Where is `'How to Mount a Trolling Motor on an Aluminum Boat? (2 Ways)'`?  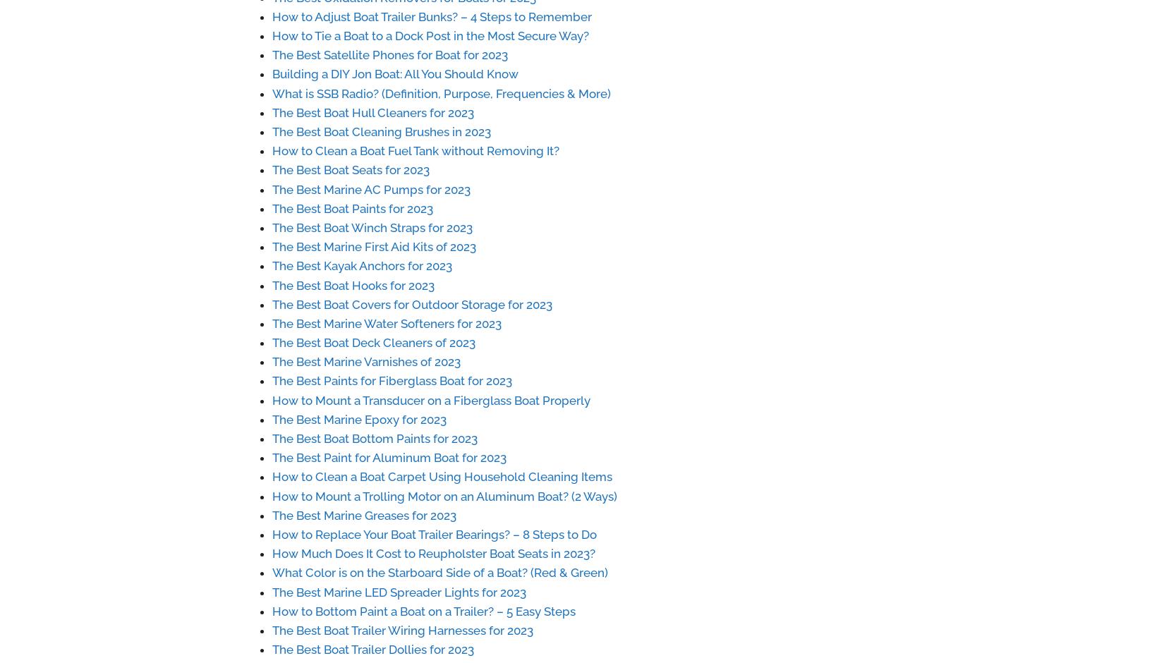 'How to Mount a Trolling Motor on an Aluminum Boat? (2 Ways)' is located at coordinates (444, 495).